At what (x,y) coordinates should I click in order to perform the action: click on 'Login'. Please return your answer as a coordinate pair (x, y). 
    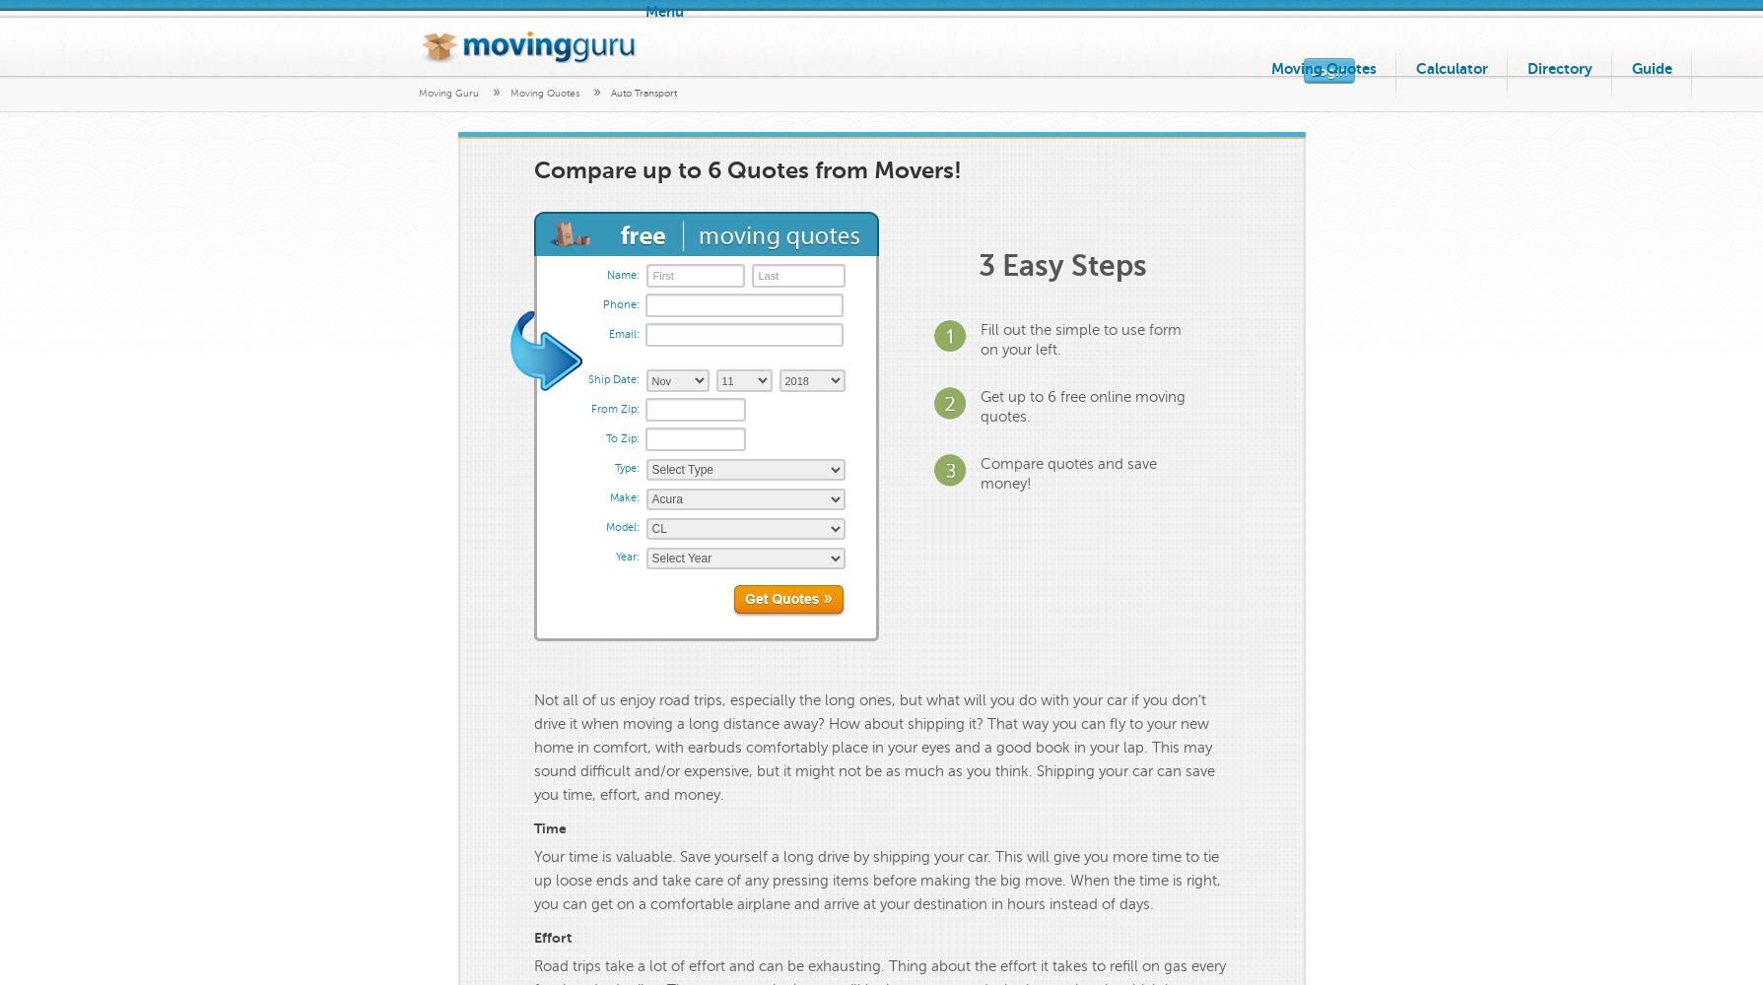
    Looking at the image, I should click on (1328, 70).